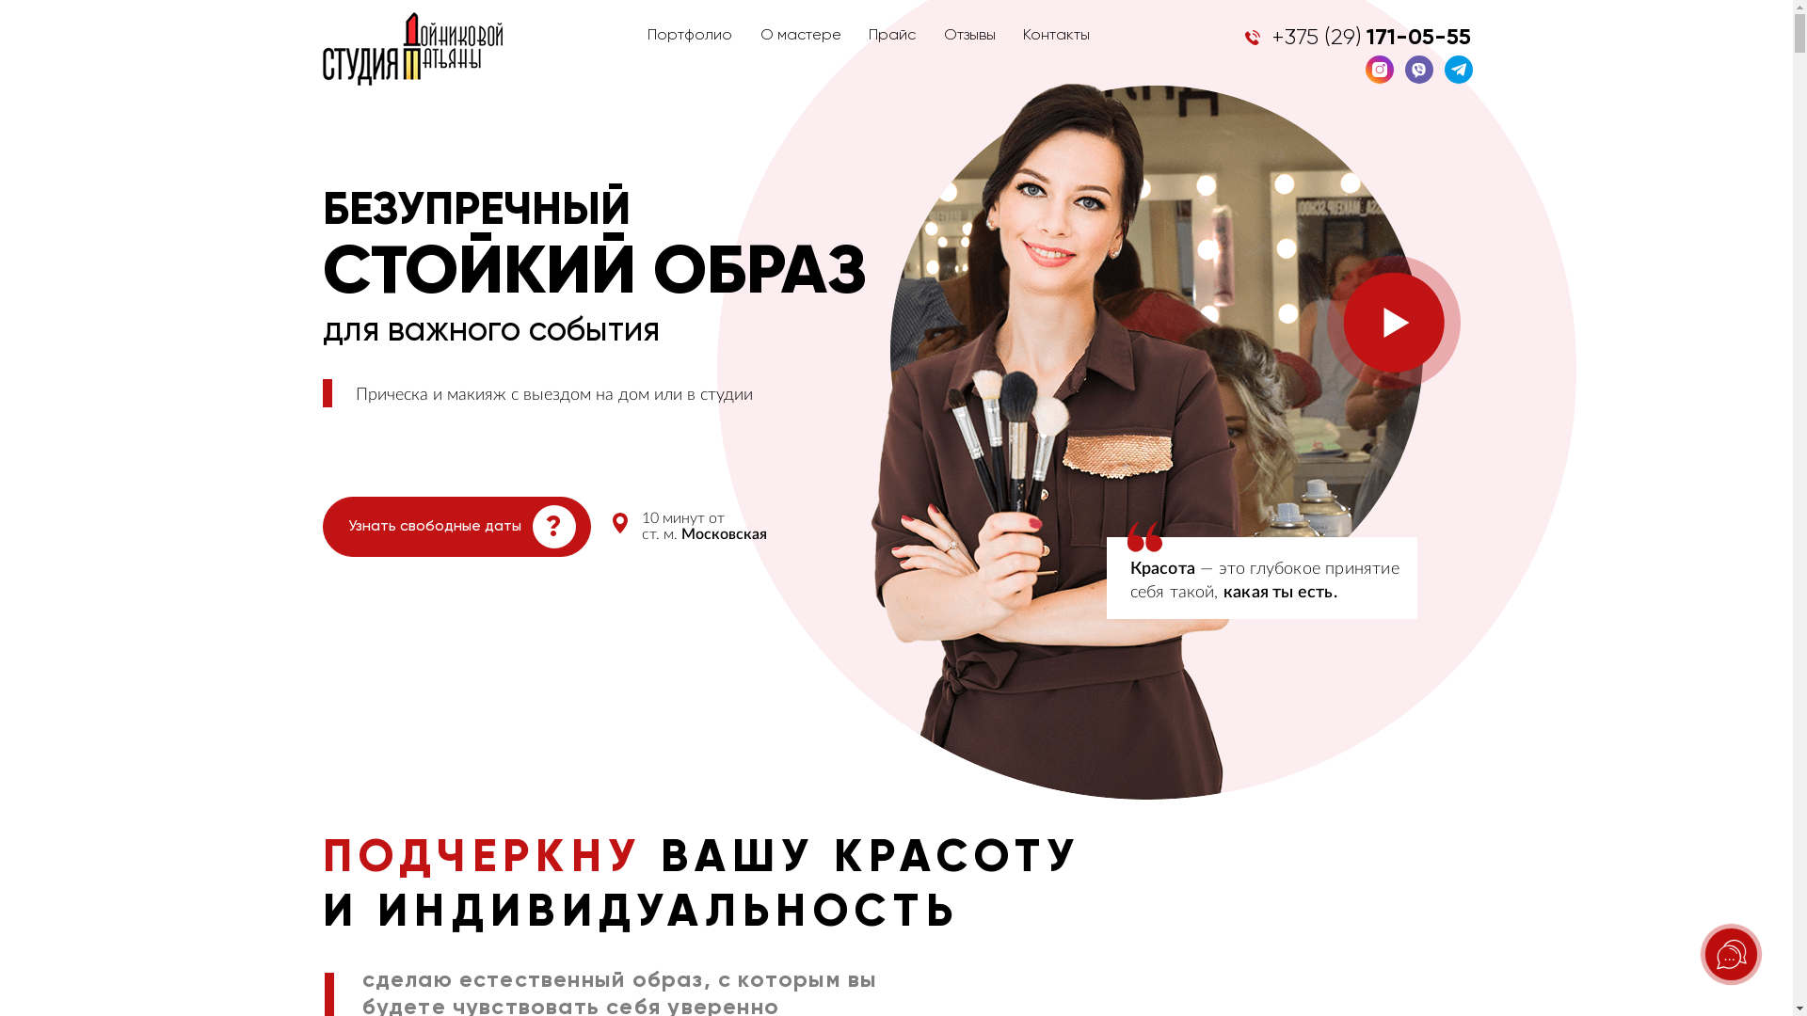  I want to click on 'Viber', so click(1418, 68).